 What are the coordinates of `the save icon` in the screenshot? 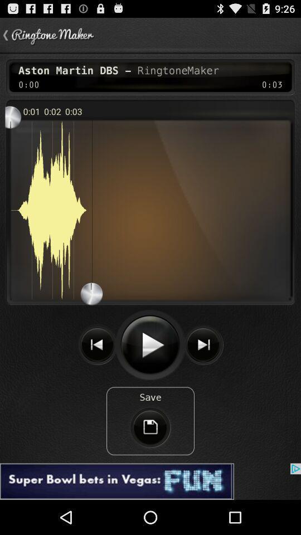 It's located at (151, 458).